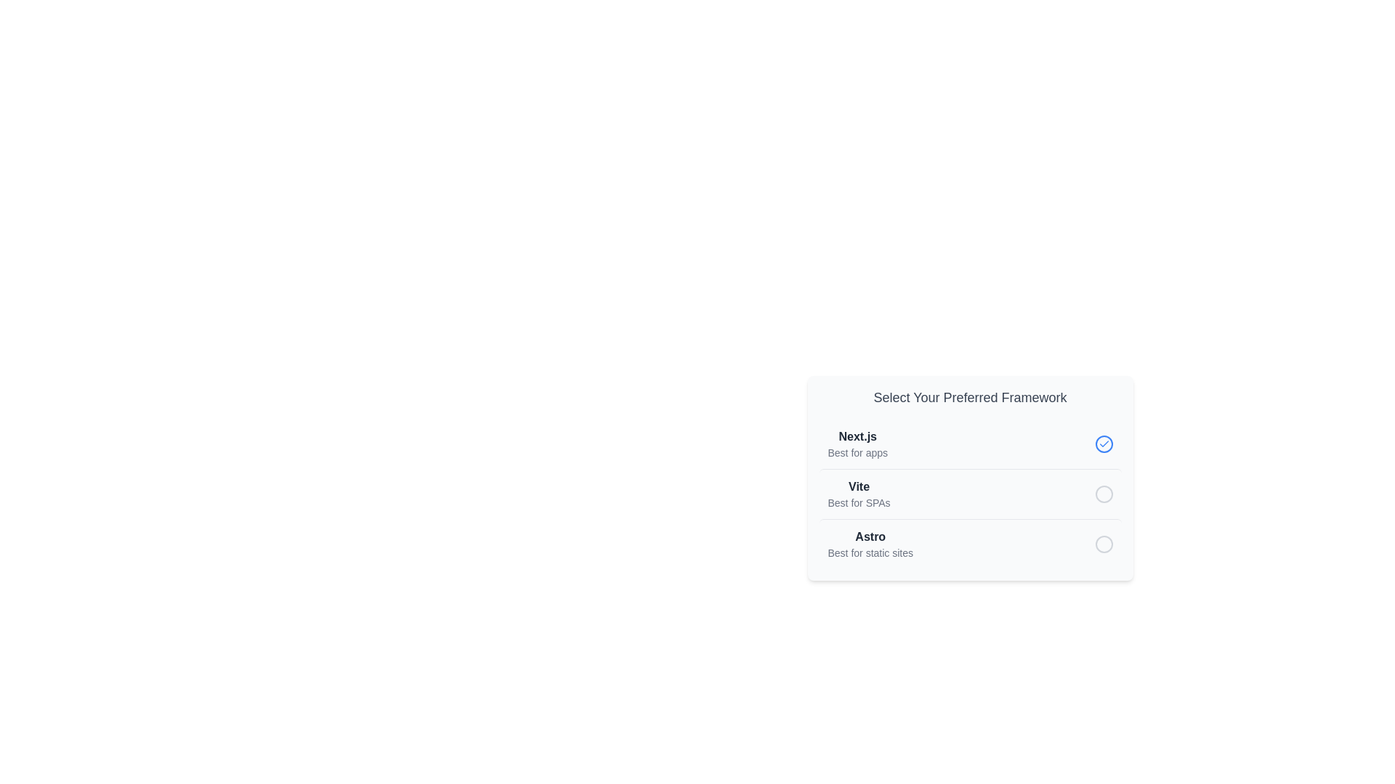 The width and height of the screenshot is (1395, 784). Describe the element at coordinates (870, 553) in the screenshot. I see `the text label displaying 'Best for static sites', which is located below the 'Astro' title in the framework selection list` at that location.